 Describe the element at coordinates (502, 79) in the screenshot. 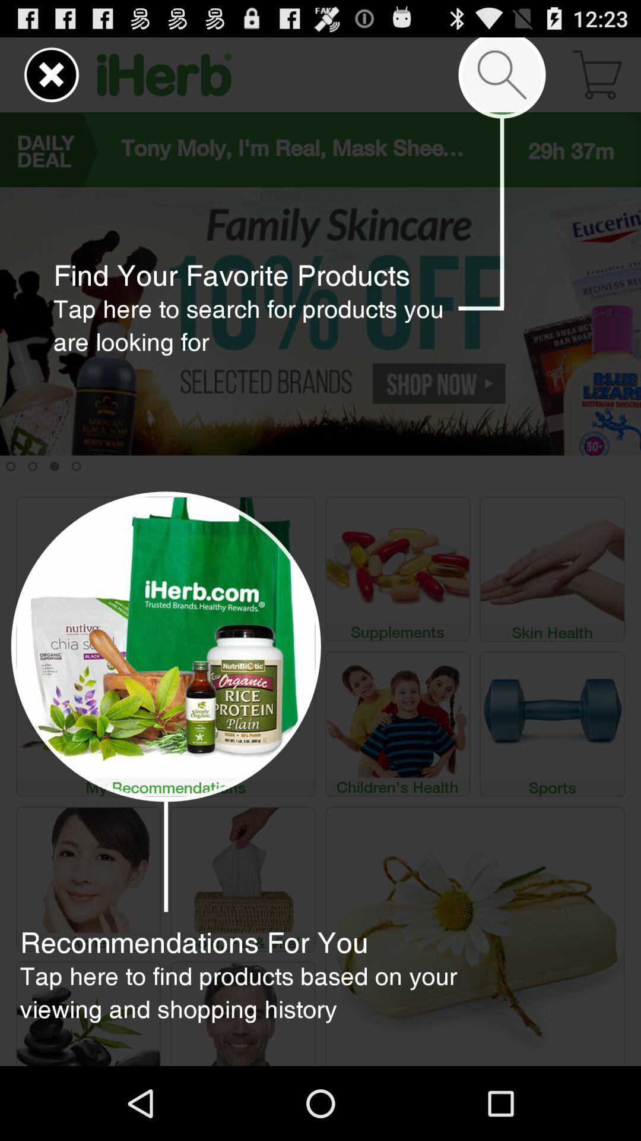

I see `the search icon` at that location.